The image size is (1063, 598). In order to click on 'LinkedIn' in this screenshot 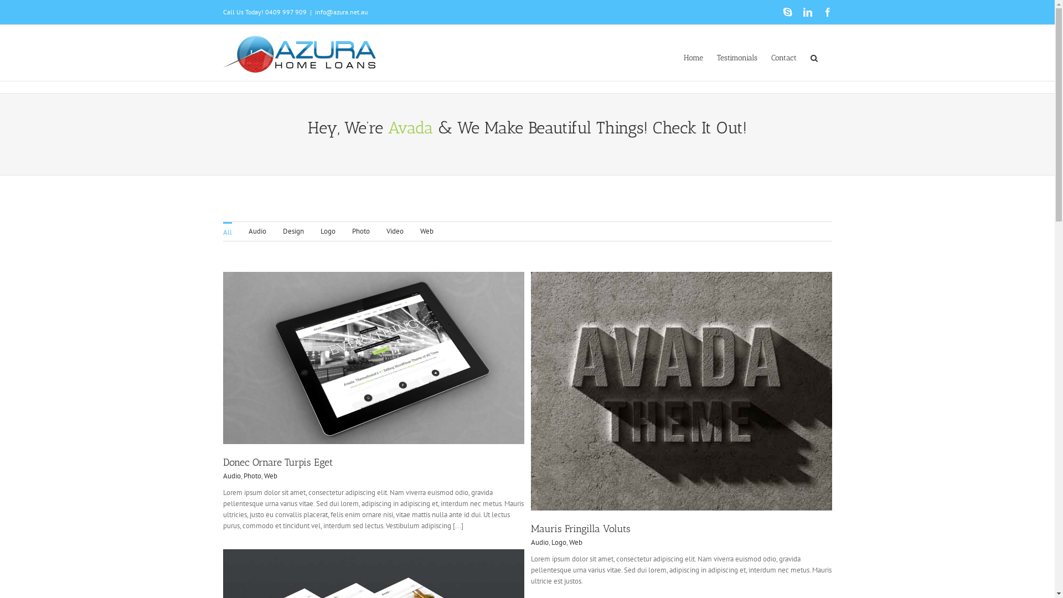, I will do `click(807, 12)`.